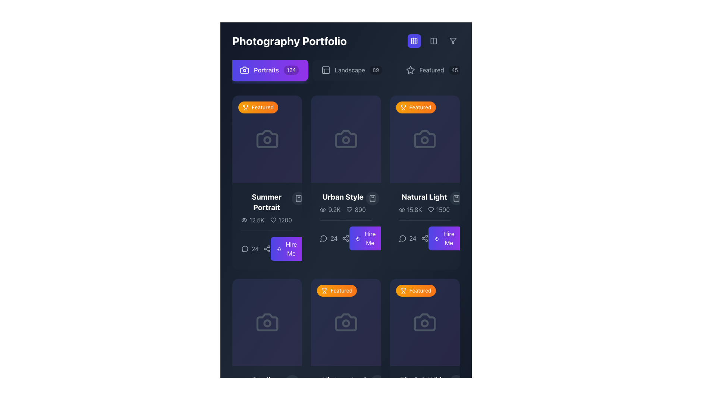 The height and width of the screenshot is (403, 716). What do you see at coordinates (376, 70) in the screenshot?
I see `displayed number on the badge indicating the presence of 89 related items next to the 'Landscape' menu item` at bounding box center [376, 70].